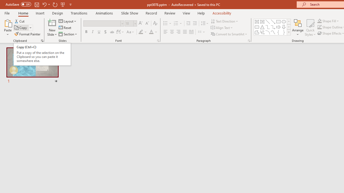 This screenshot has height=193, width=344. What do you see at coordinates (284, 27) in the screenshot?
I see `'Arrow: Down'` at bounding box center [284, 27].